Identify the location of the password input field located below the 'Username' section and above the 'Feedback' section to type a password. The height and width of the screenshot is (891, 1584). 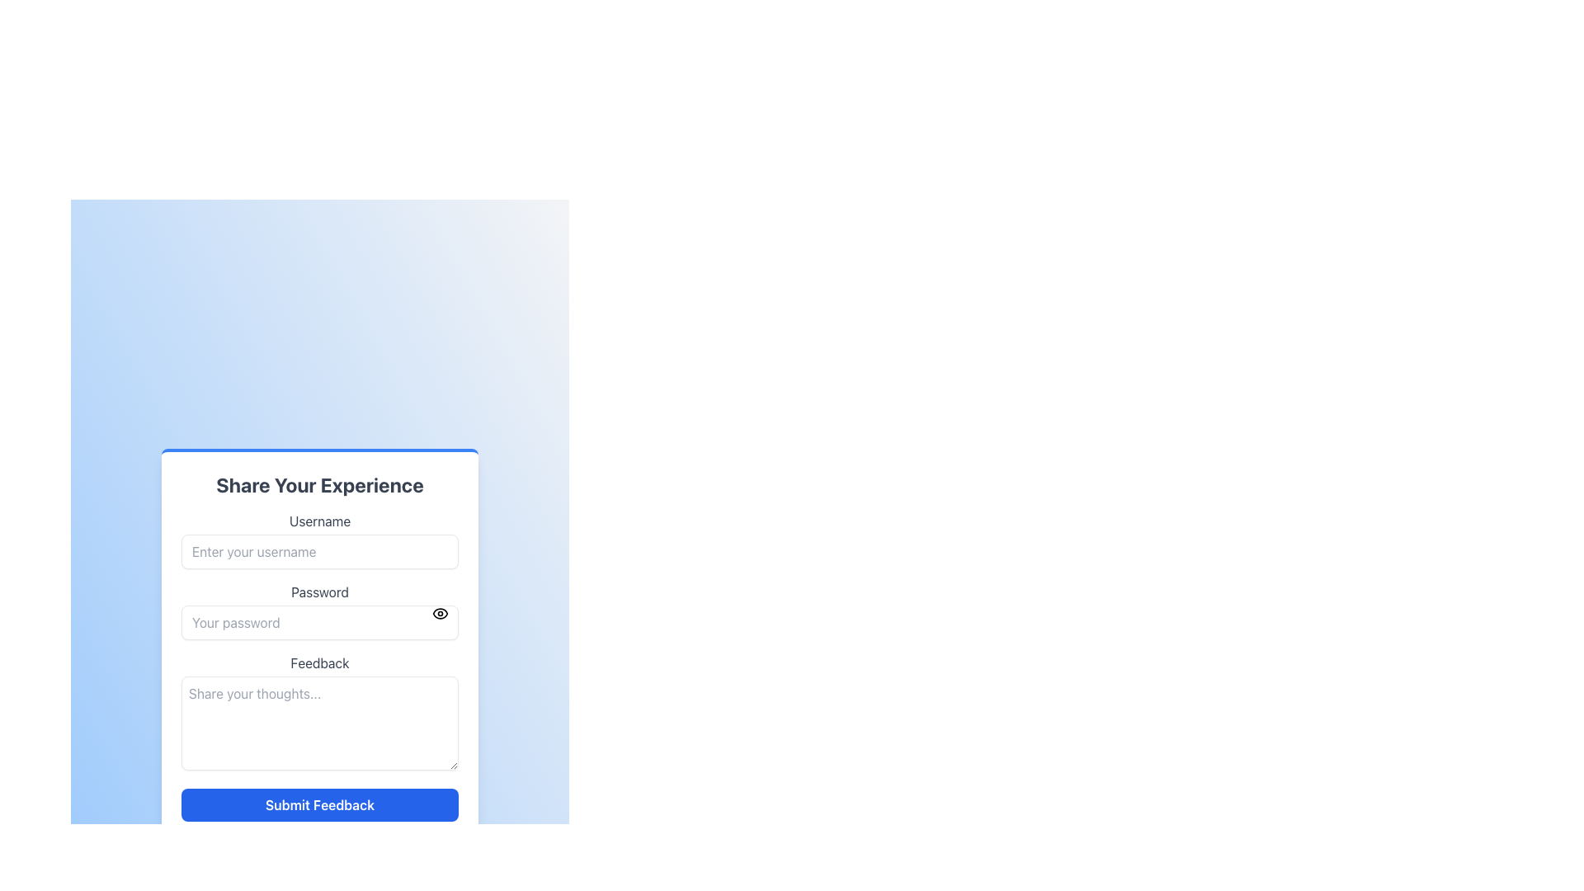
(320, 610).